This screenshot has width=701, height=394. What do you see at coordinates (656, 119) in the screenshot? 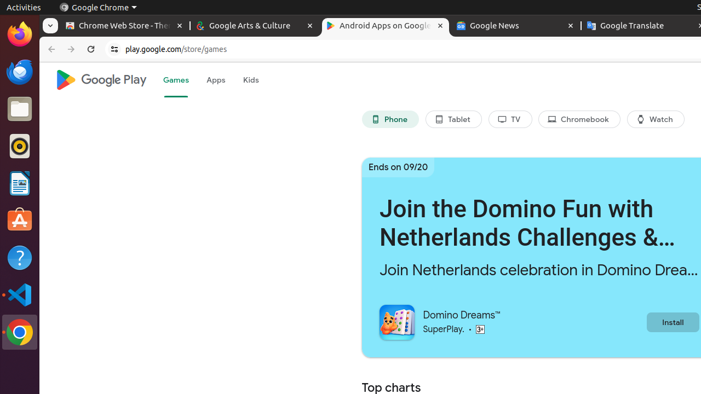
I see `'Watch'` at bounding box center [656, 119].